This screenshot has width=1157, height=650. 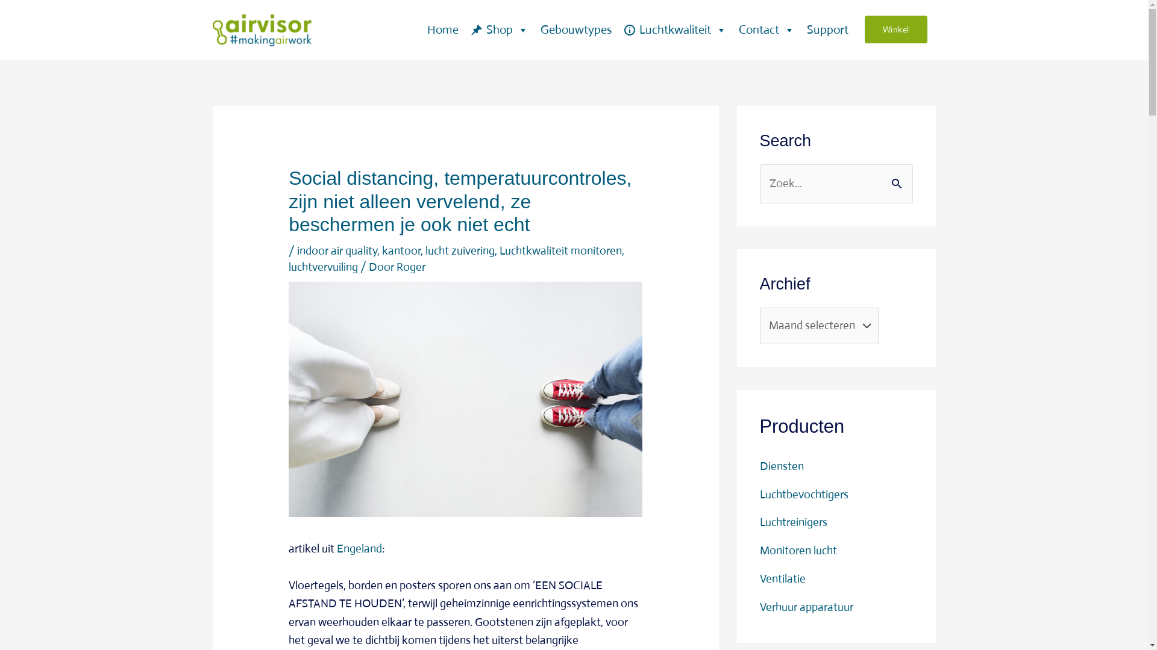 I want to click on 'Luchtbevochtigers', so click(x=803, y=494).